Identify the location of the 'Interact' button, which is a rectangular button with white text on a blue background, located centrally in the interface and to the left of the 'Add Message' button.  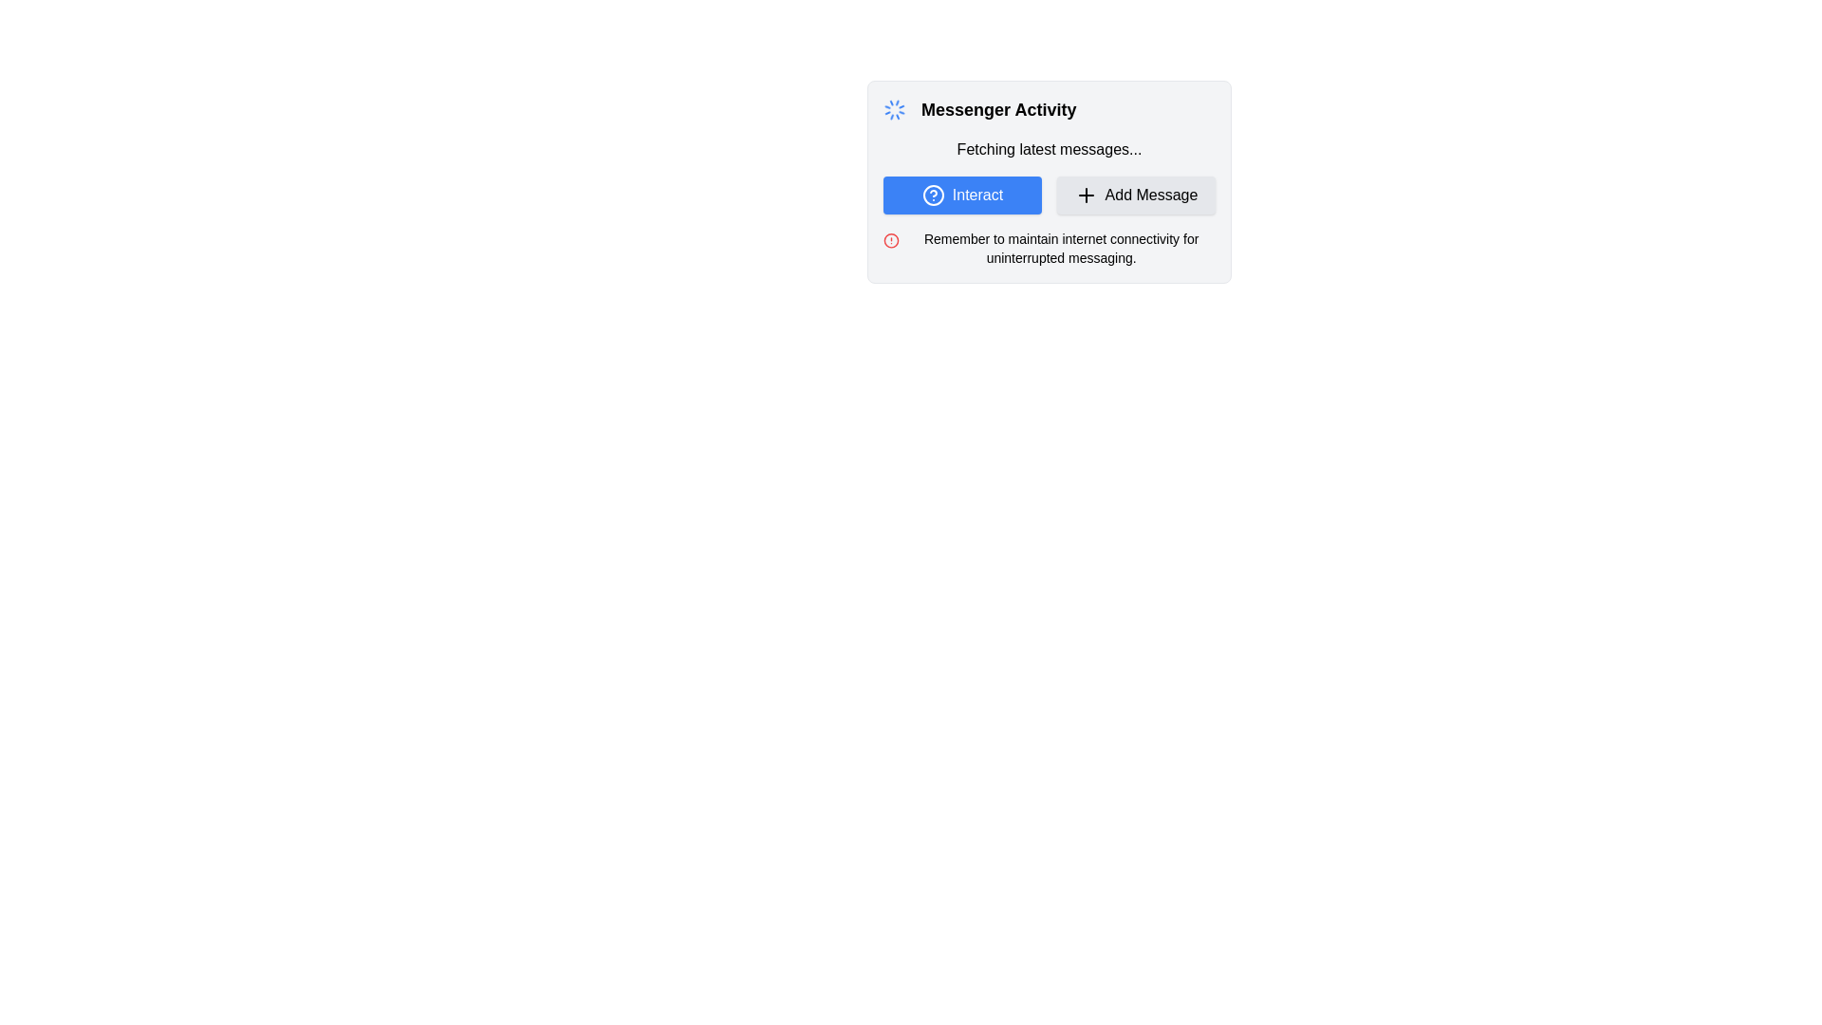
(962, 195).